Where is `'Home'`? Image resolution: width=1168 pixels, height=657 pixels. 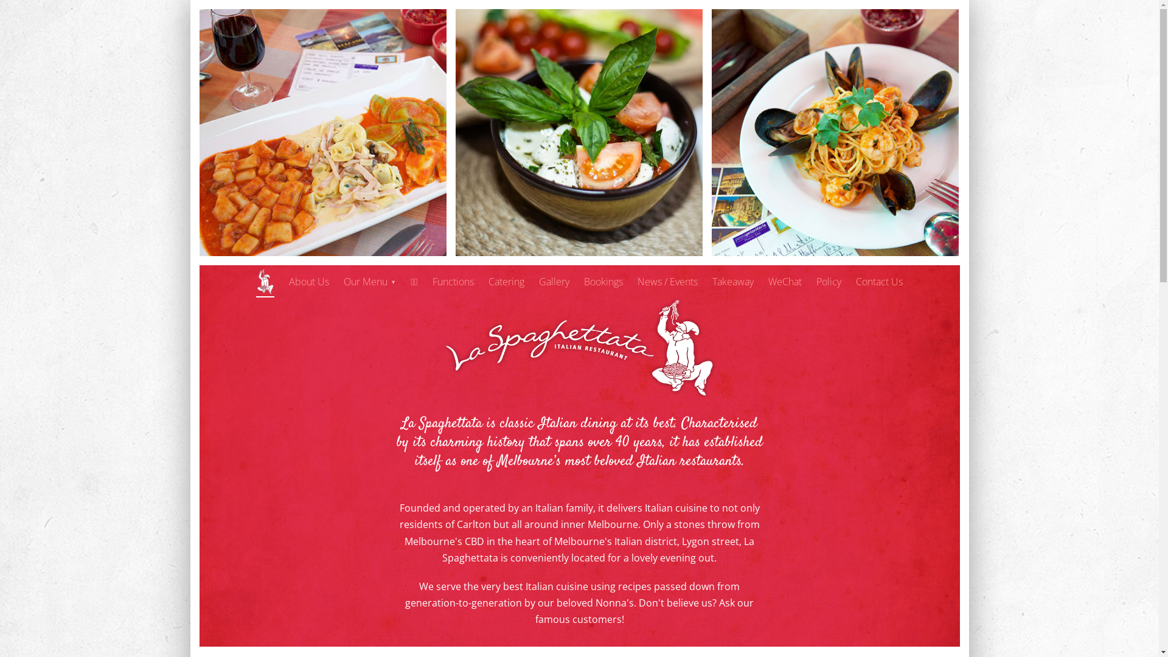 'Home' is located at coordinates (265, 281).